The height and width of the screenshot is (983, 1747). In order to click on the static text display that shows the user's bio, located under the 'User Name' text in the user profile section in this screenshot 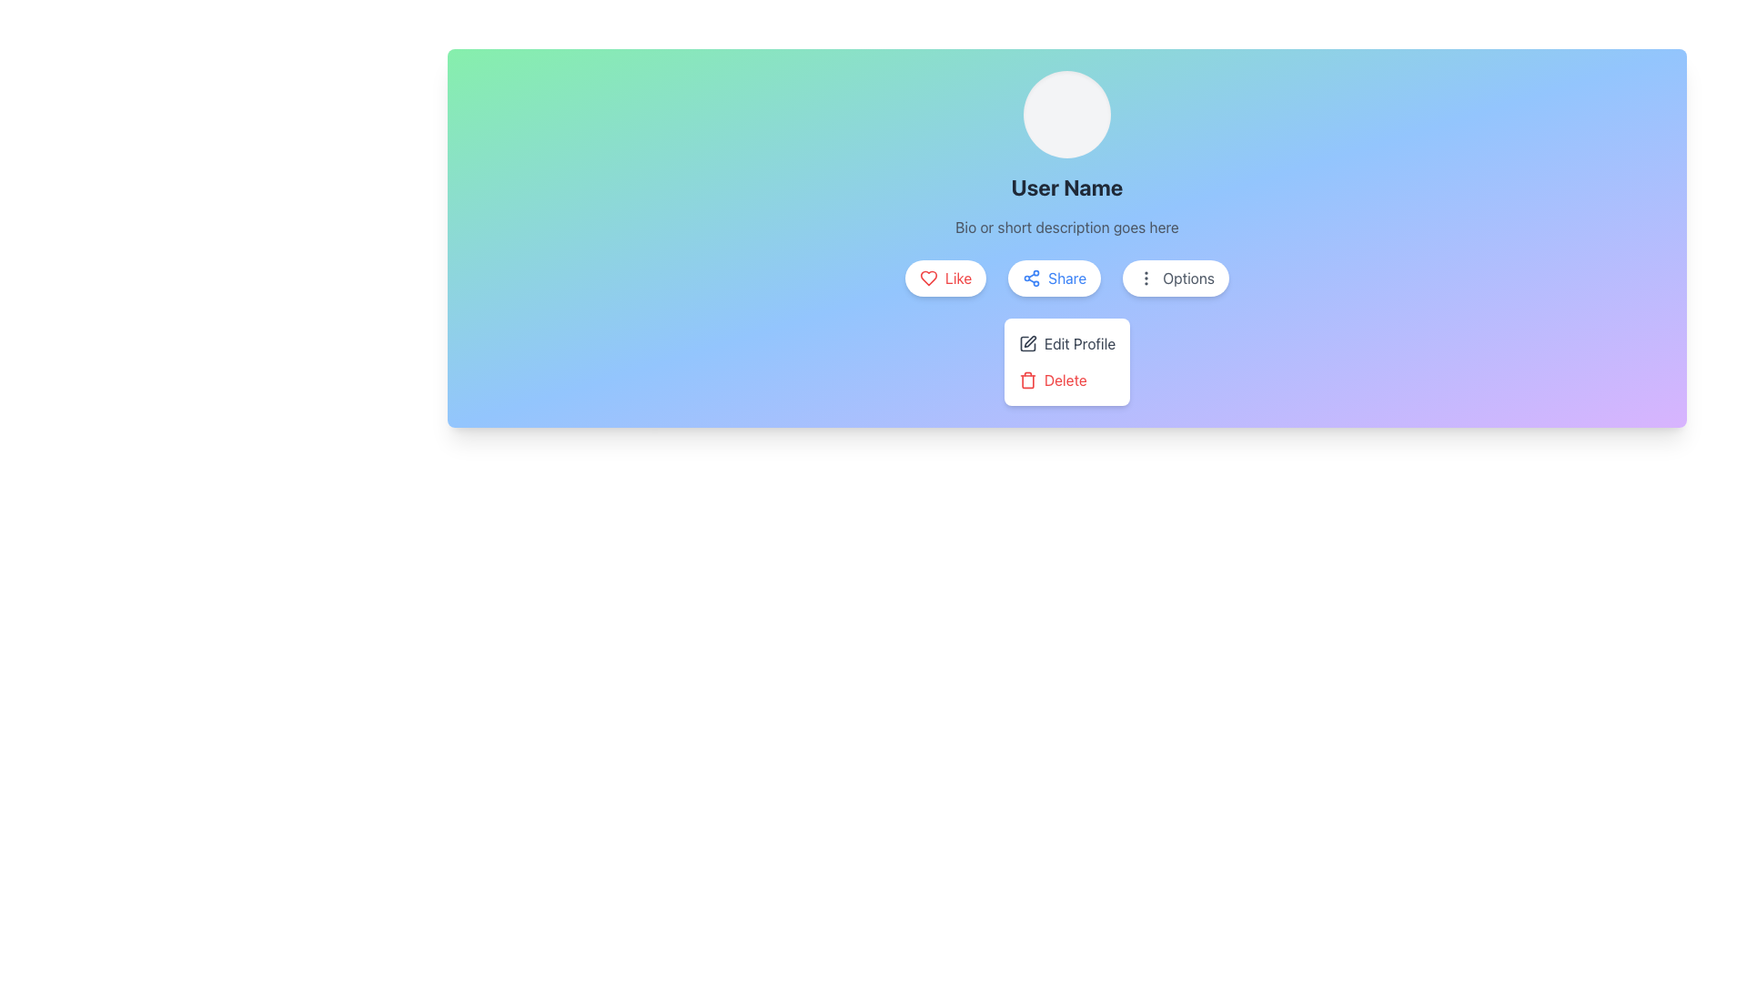, I will do `click(1066, 227)`.